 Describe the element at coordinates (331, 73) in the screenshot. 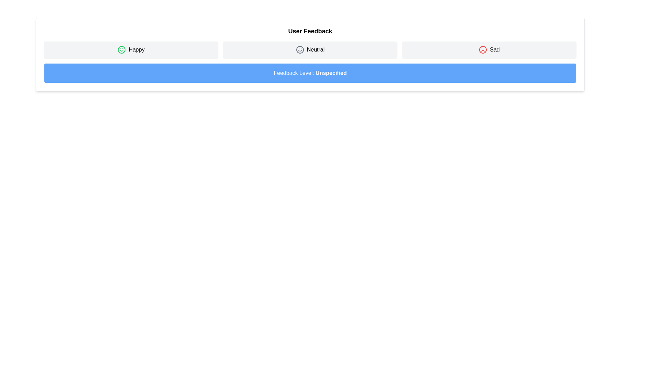

I see `the text label indicating the current feedback level, which displays 'Unspecified' and is positioned to the right of 'Feedback Level:' in a blue rectangular banner` at that location.